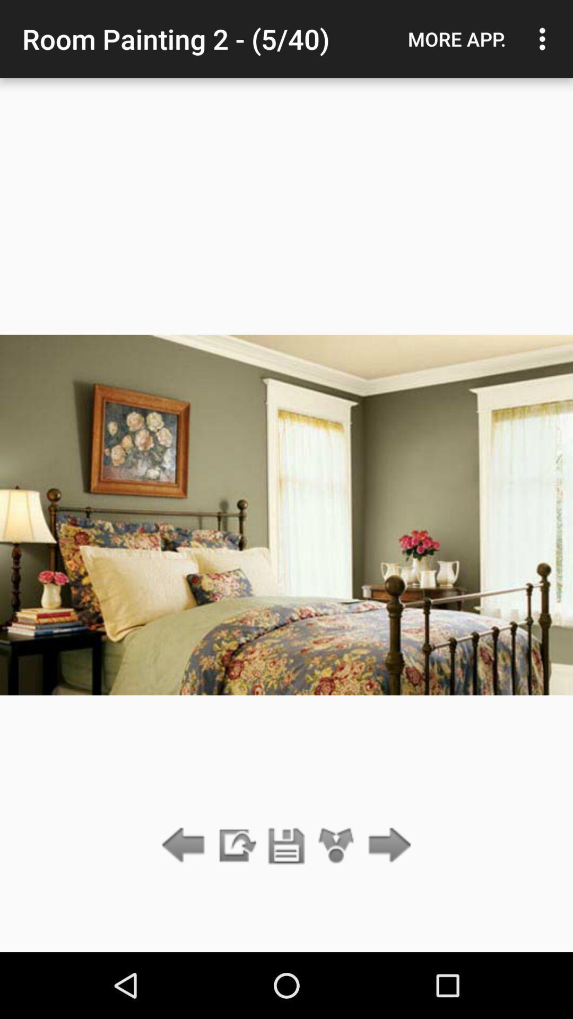  I want to click on the arrow_forward icon, so click(387, 845).